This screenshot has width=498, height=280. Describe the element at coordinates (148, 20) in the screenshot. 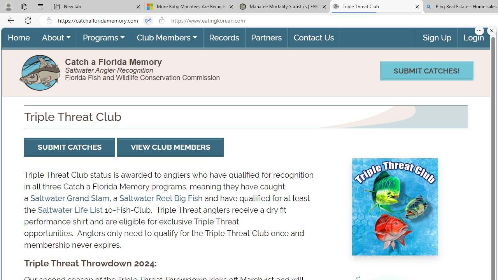

I see `'Tabs in split screen'` at that location.